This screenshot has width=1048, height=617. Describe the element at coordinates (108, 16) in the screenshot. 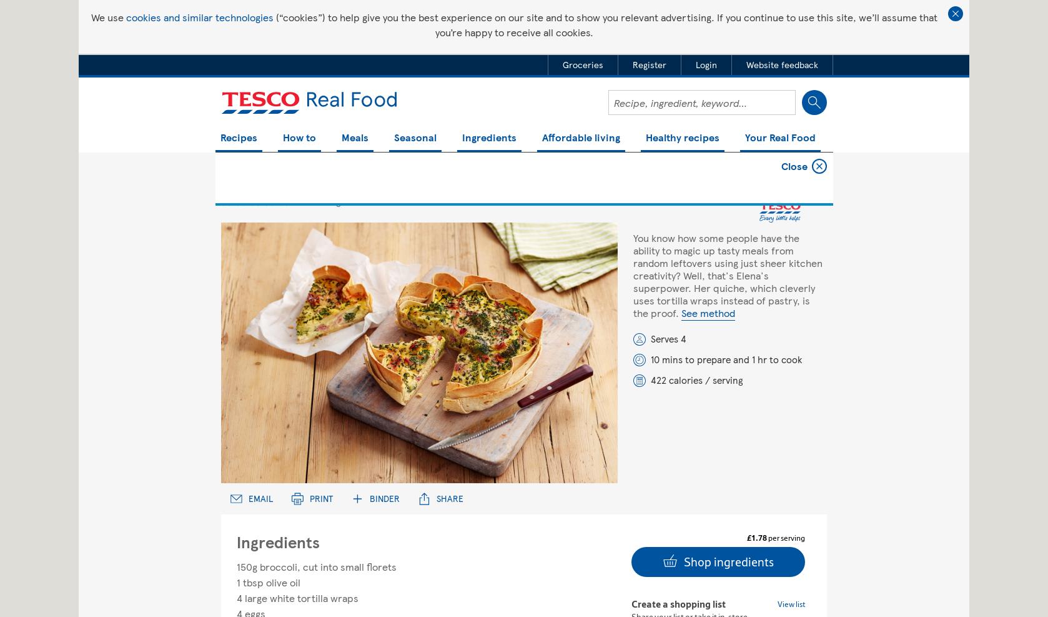

I see `'We use'` at that location.